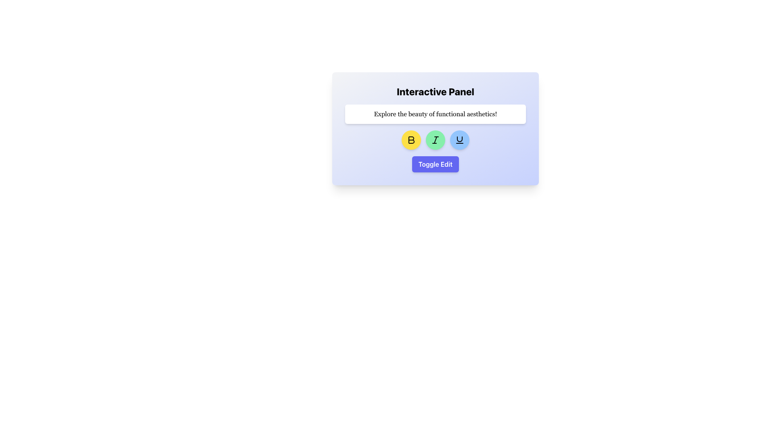  Describe the element at coordinates (411, 140) in the screenshot. I see `the bold style toggle icon button located below the text field using keyboard navigation` at that location.